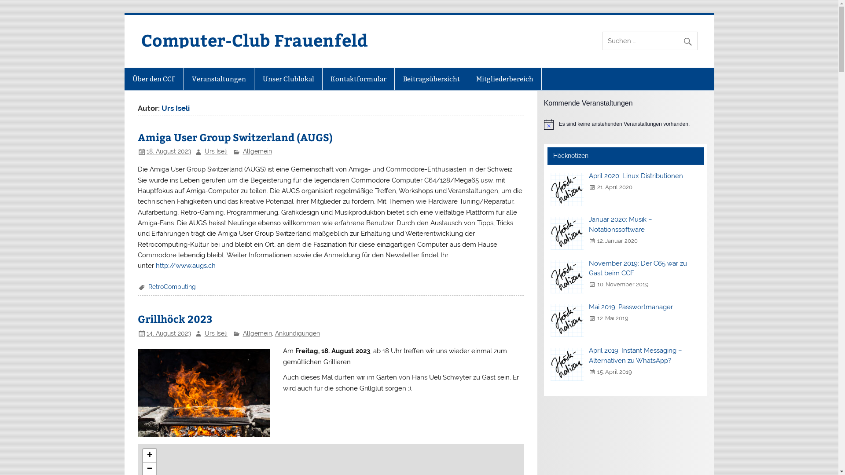 The width and height of the screenshot is (845, 475). Describe the element at coordinates (150, 455) in the screenshot. I see `'+'` at that location.